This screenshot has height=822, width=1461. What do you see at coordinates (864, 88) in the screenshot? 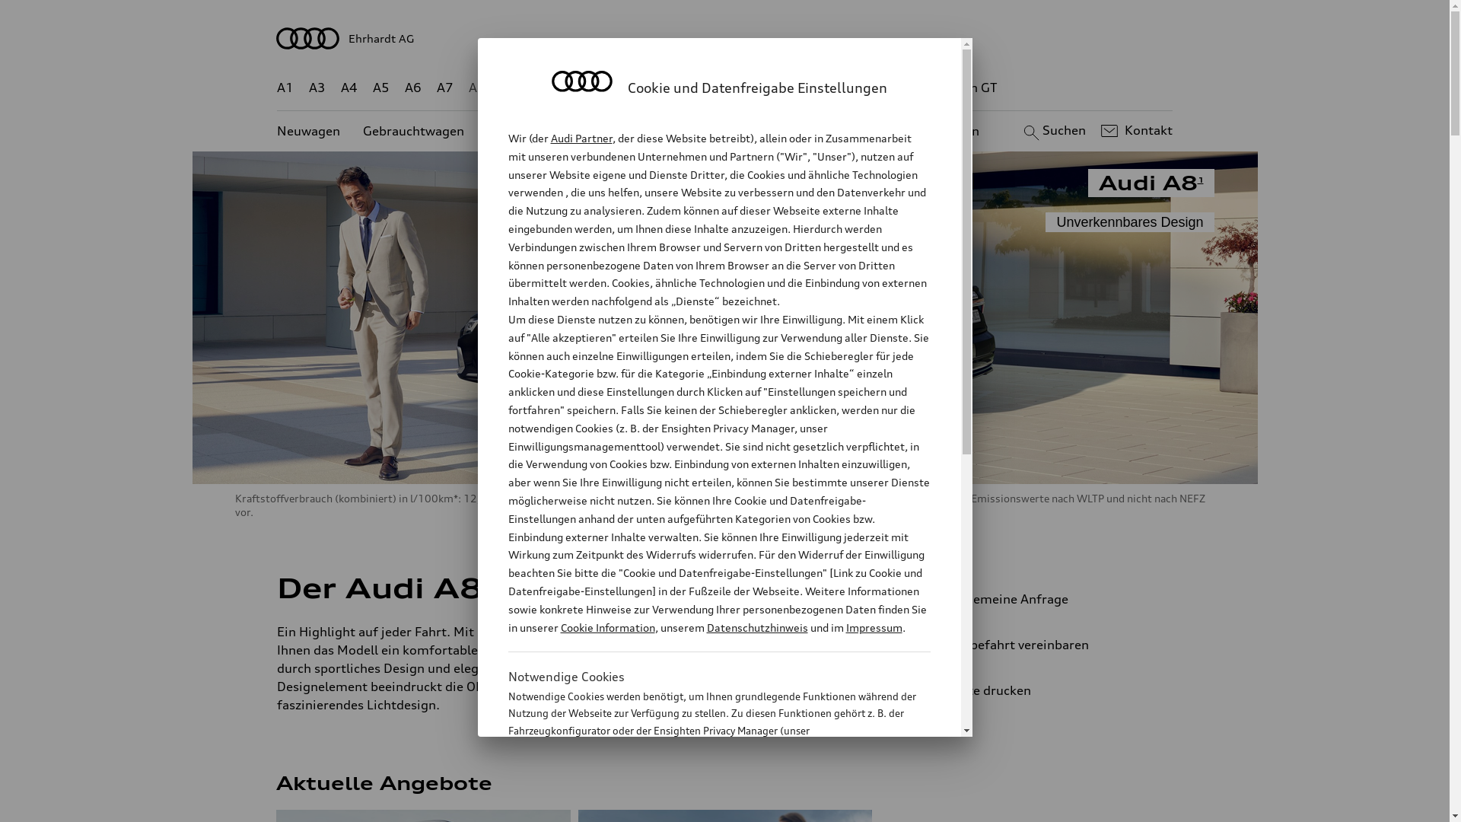
I see `'RS'` at bounding box center [864, 88].